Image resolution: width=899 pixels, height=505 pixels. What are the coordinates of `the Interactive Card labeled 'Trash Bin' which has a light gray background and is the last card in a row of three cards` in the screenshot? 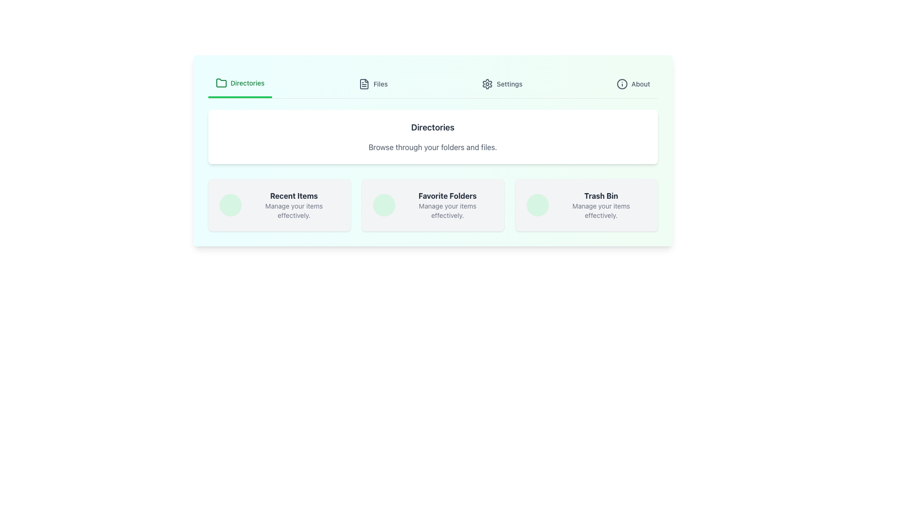 It's located at (586, 205).